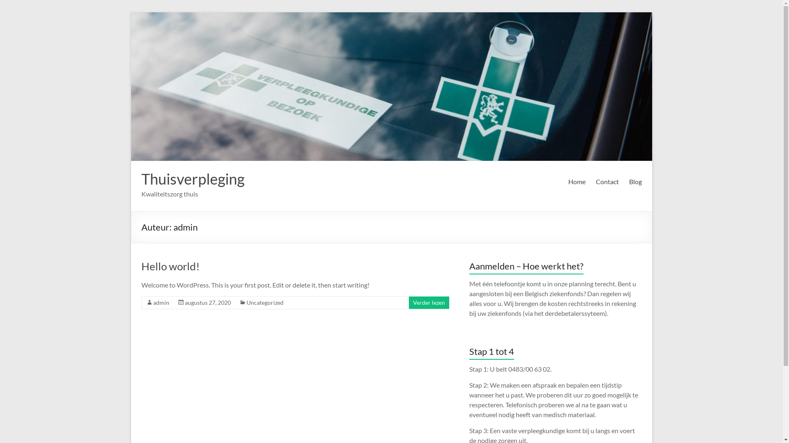 The image size is (789, 443). I want to click on 'Home', so click(568, 181).